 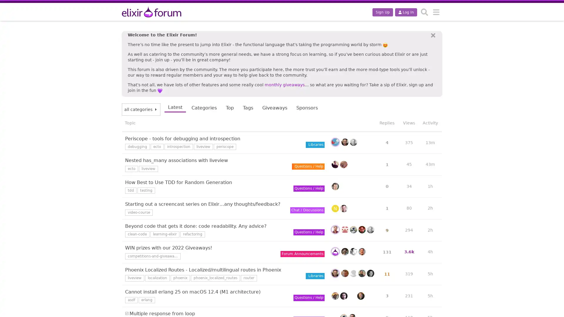 I want to click on Sort by activity, so click(x=402, y=167).